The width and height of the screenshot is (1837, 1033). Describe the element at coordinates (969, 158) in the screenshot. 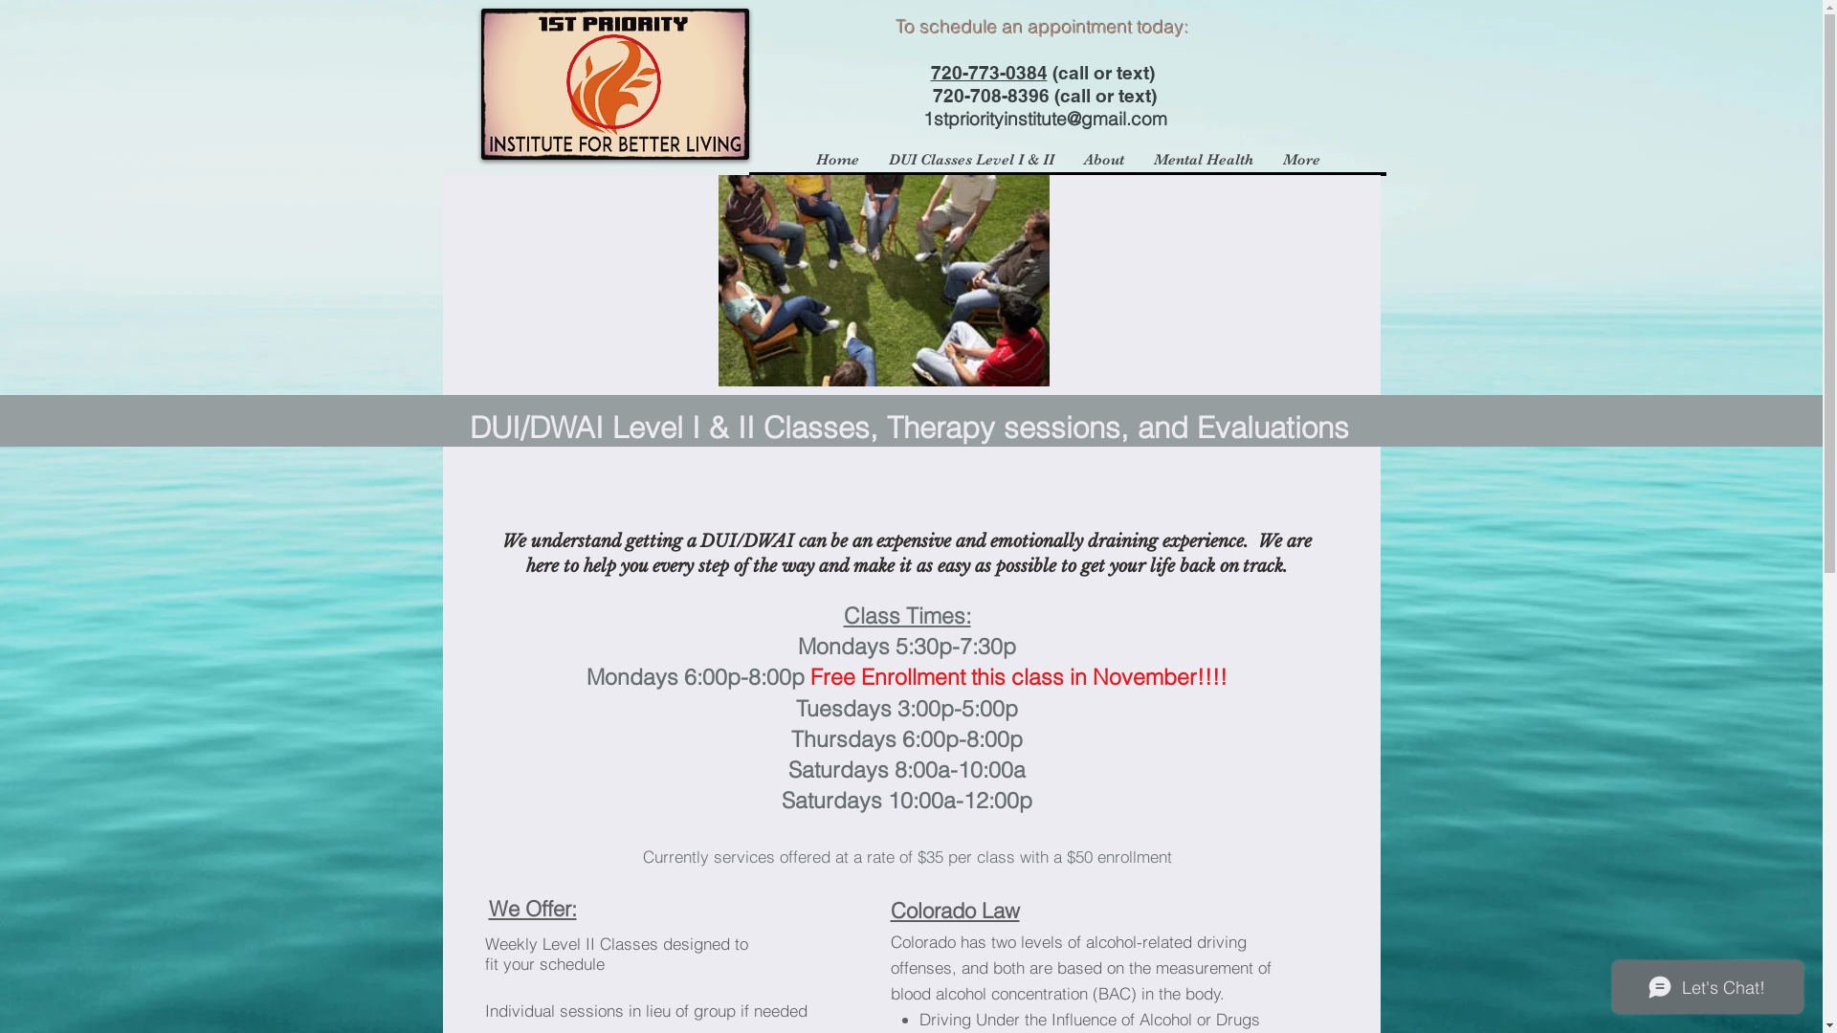

I see `'DUI Classes Level I & II'` at that location.